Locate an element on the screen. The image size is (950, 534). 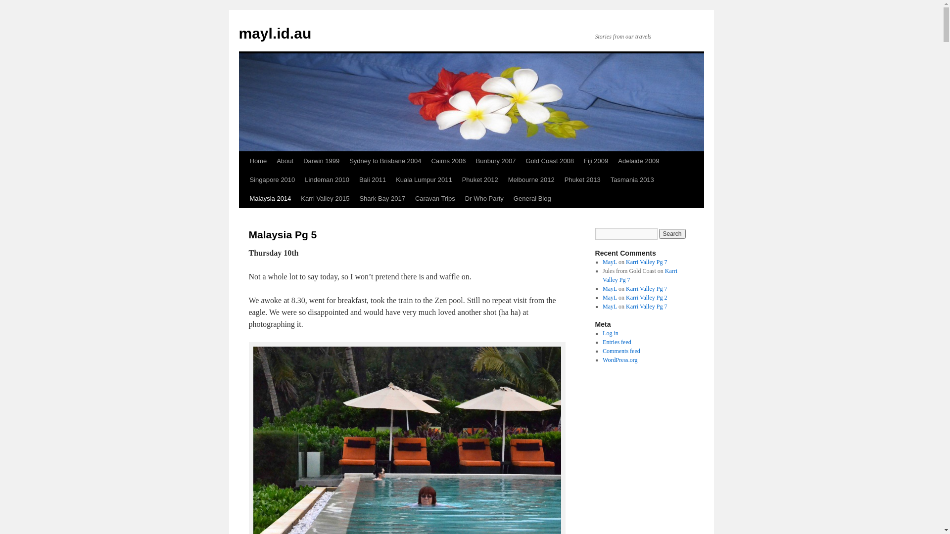
'MayL' is located at coordinates (609, 288).